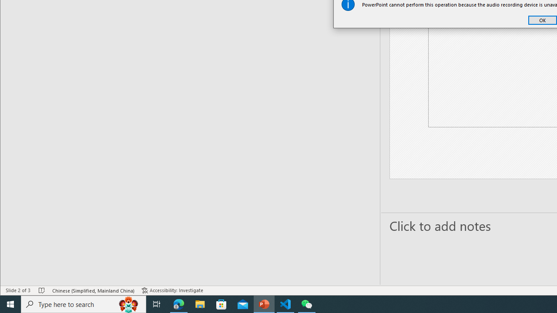  What do you see at coordinates (307, 303) in the screenshot?
I see `'WeChat - 1 running window'` at bounding box center [307, 303].